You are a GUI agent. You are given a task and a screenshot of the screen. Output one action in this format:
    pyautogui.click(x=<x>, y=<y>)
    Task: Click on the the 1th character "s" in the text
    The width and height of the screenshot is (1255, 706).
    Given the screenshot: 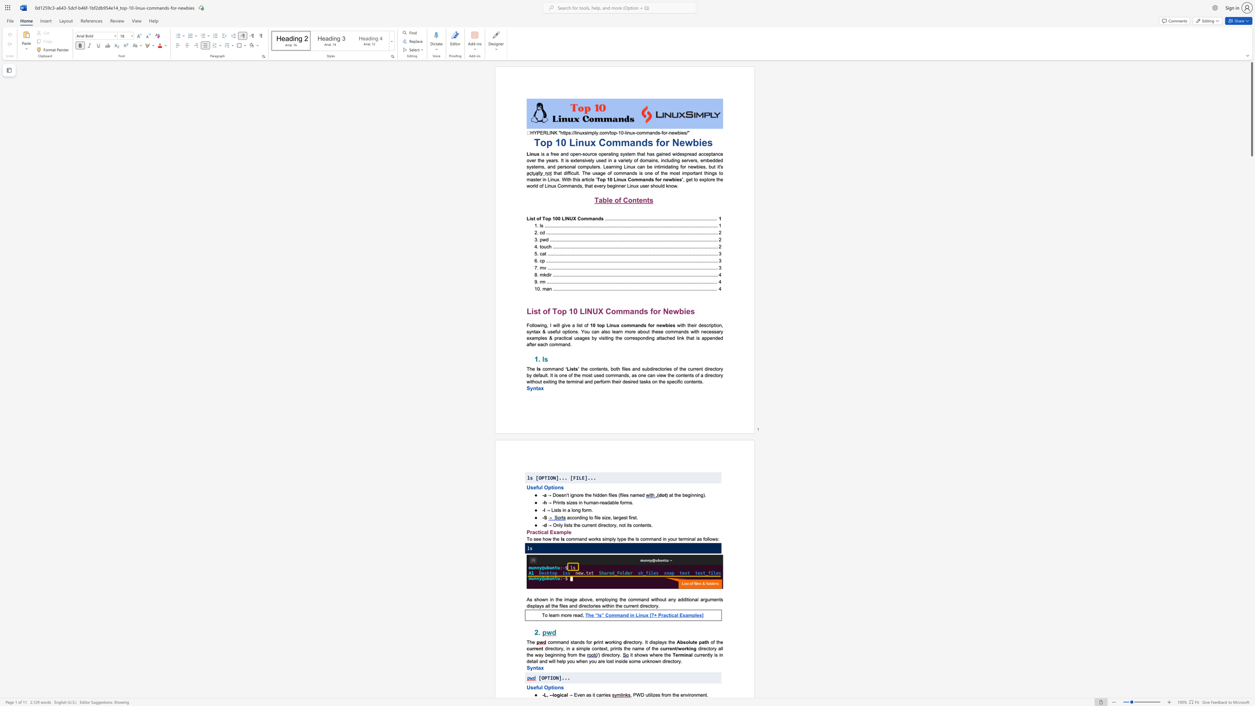 What is the action you would take?
    pyautogui.click(x=534, y=539)
    